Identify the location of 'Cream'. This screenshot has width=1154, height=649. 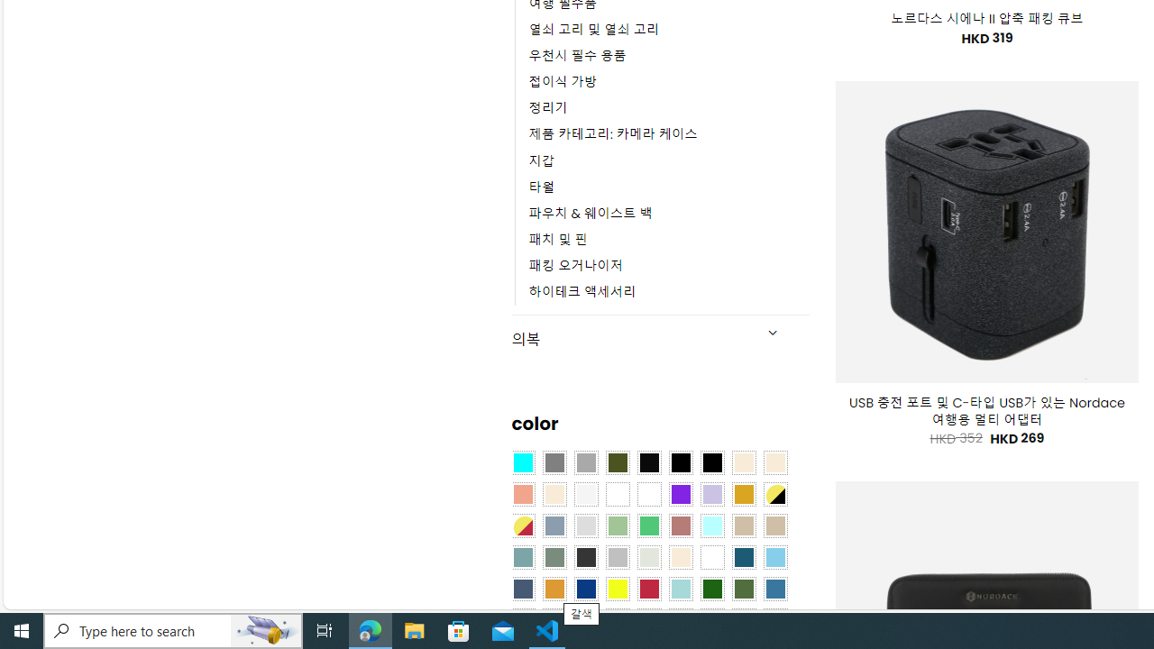
(554, 495).